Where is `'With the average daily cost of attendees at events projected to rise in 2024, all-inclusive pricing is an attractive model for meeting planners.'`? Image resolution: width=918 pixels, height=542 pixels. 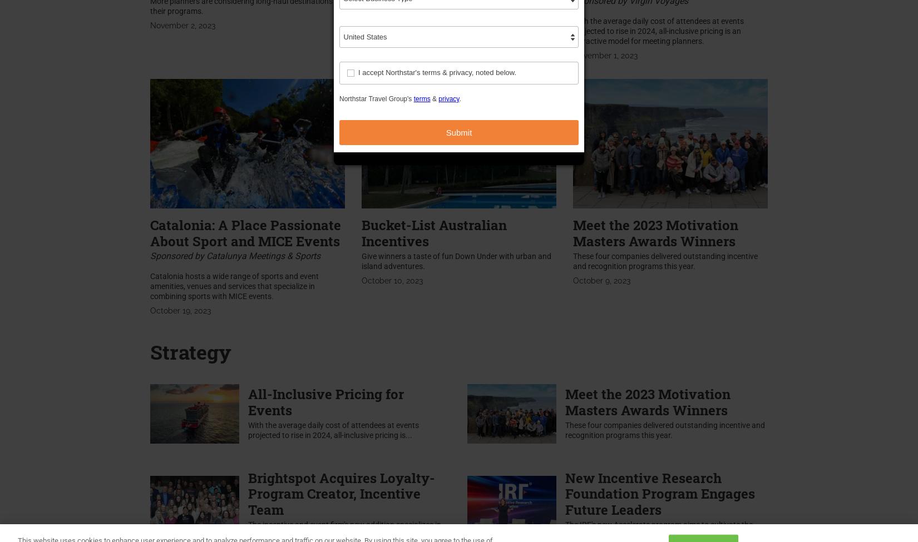
'With the average daily cost of attendees at events projected to rise in 2024, all-inclusive pricing is an attractive model for meeting planners.' is located at coordinates (658, 31).